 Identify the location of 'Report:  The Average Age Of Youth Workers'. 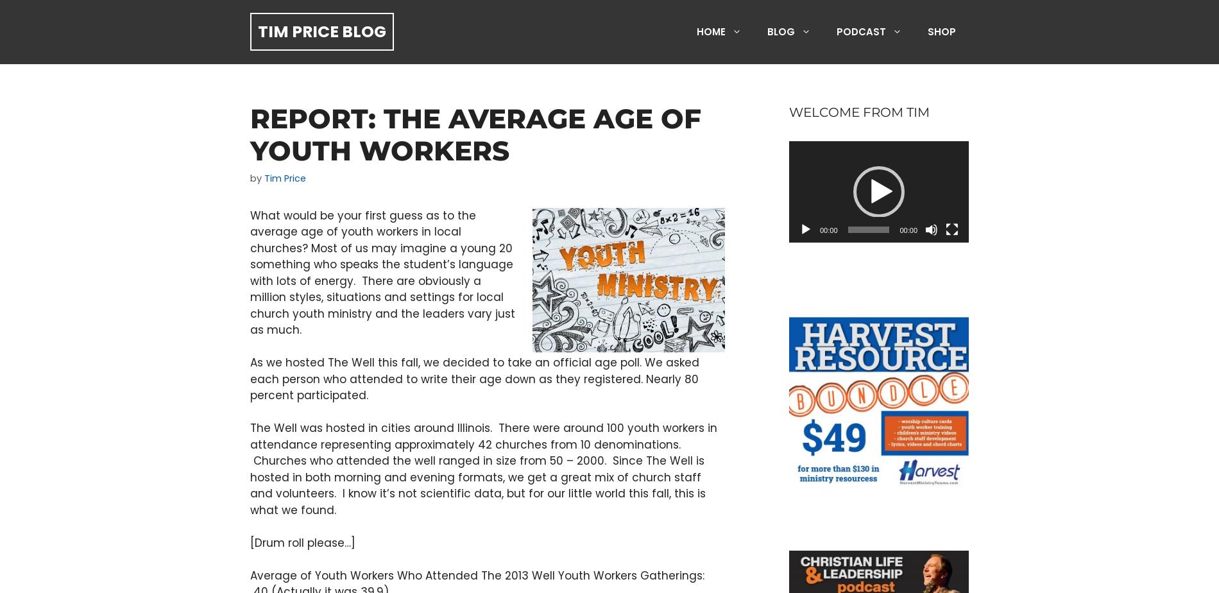
(250, 135).